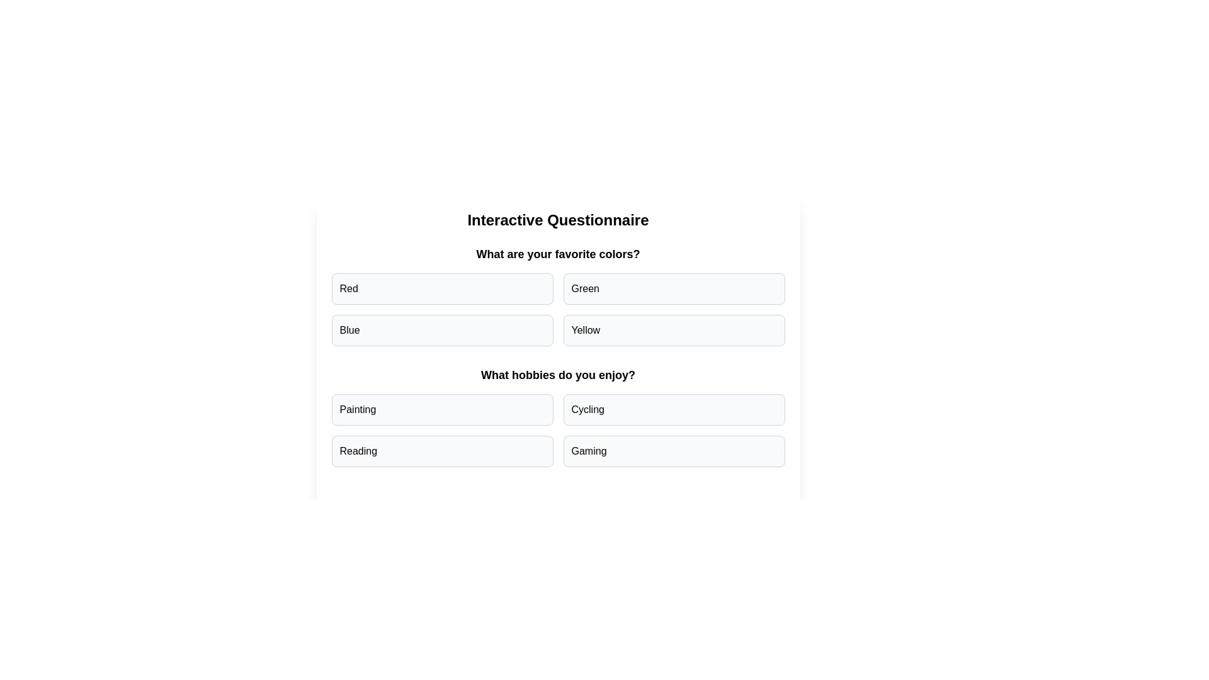 This screenshot has width=1209, height=680. Describe the element at coordinates (557, 254) in the screenshot. I see `the question label What are your favorite colors?` at that location.